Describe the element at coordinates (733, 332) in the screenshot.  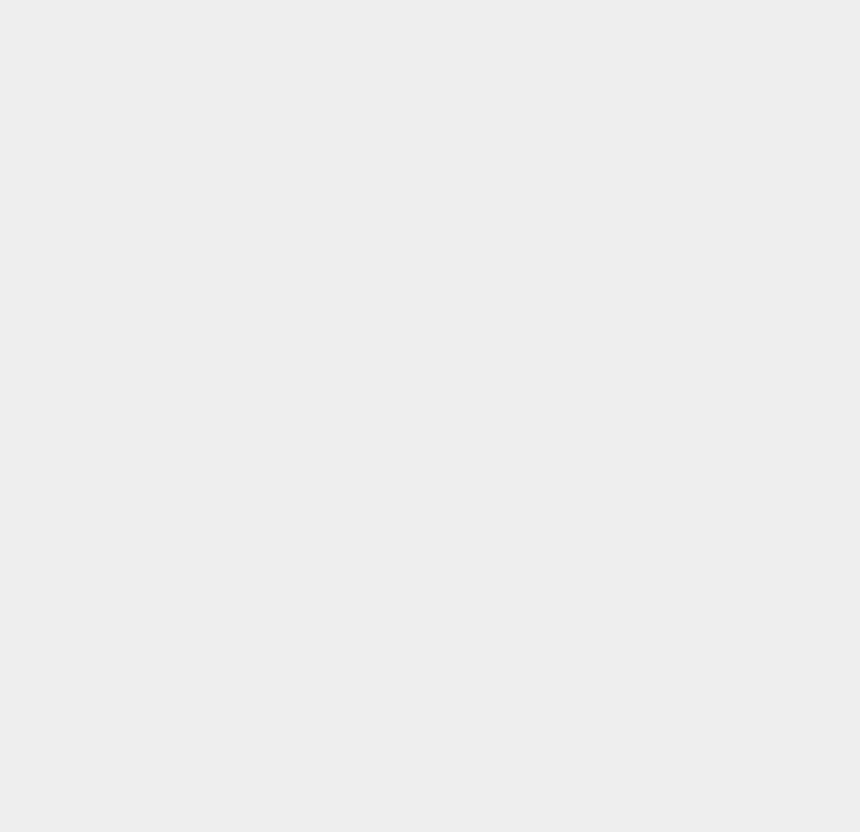
I see `'Download macOS 13.6.2 Ventura DMG Final Installer Without App Store'` at that location.